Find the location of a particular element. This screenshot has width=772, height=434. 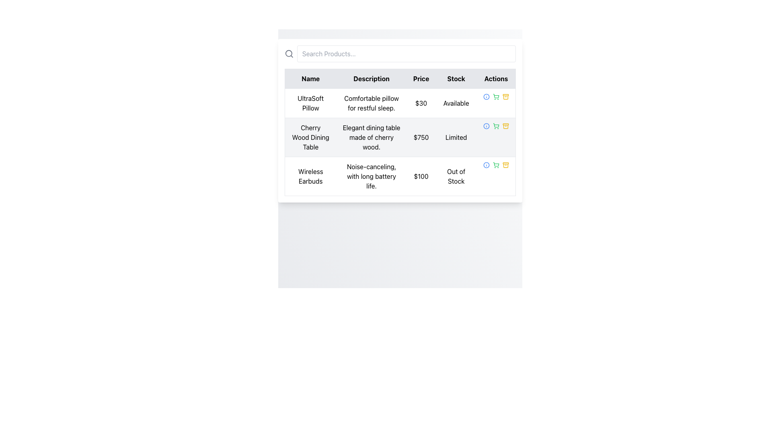

the green shopping cart icon button located in the 'Actions' column of the table row for 'Cherry Wood Dining Table' is located at coordinates (495, 126).